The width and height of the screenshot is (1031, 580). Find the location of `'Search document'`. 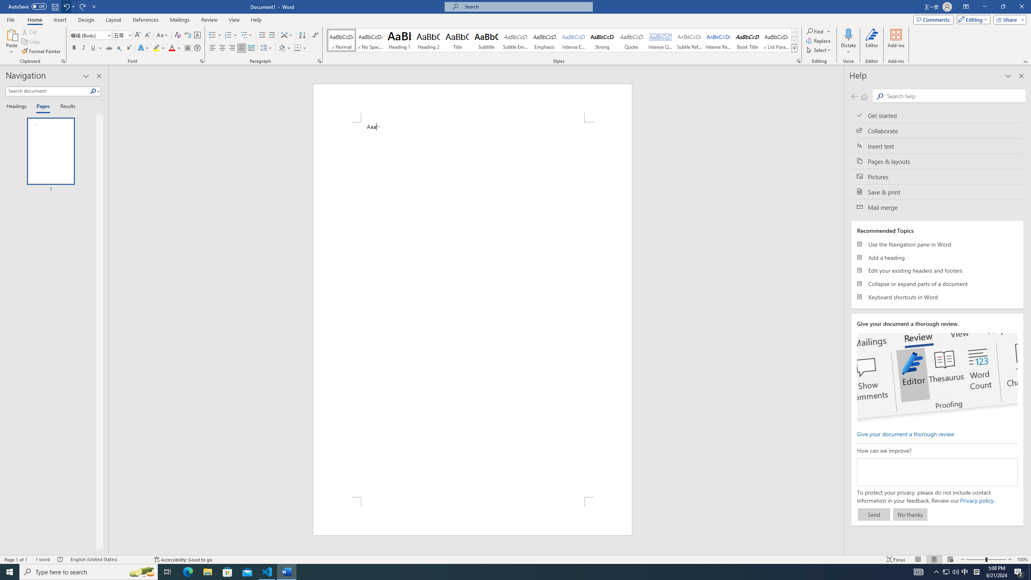

'Search document' is located at coordinates (47, 91).